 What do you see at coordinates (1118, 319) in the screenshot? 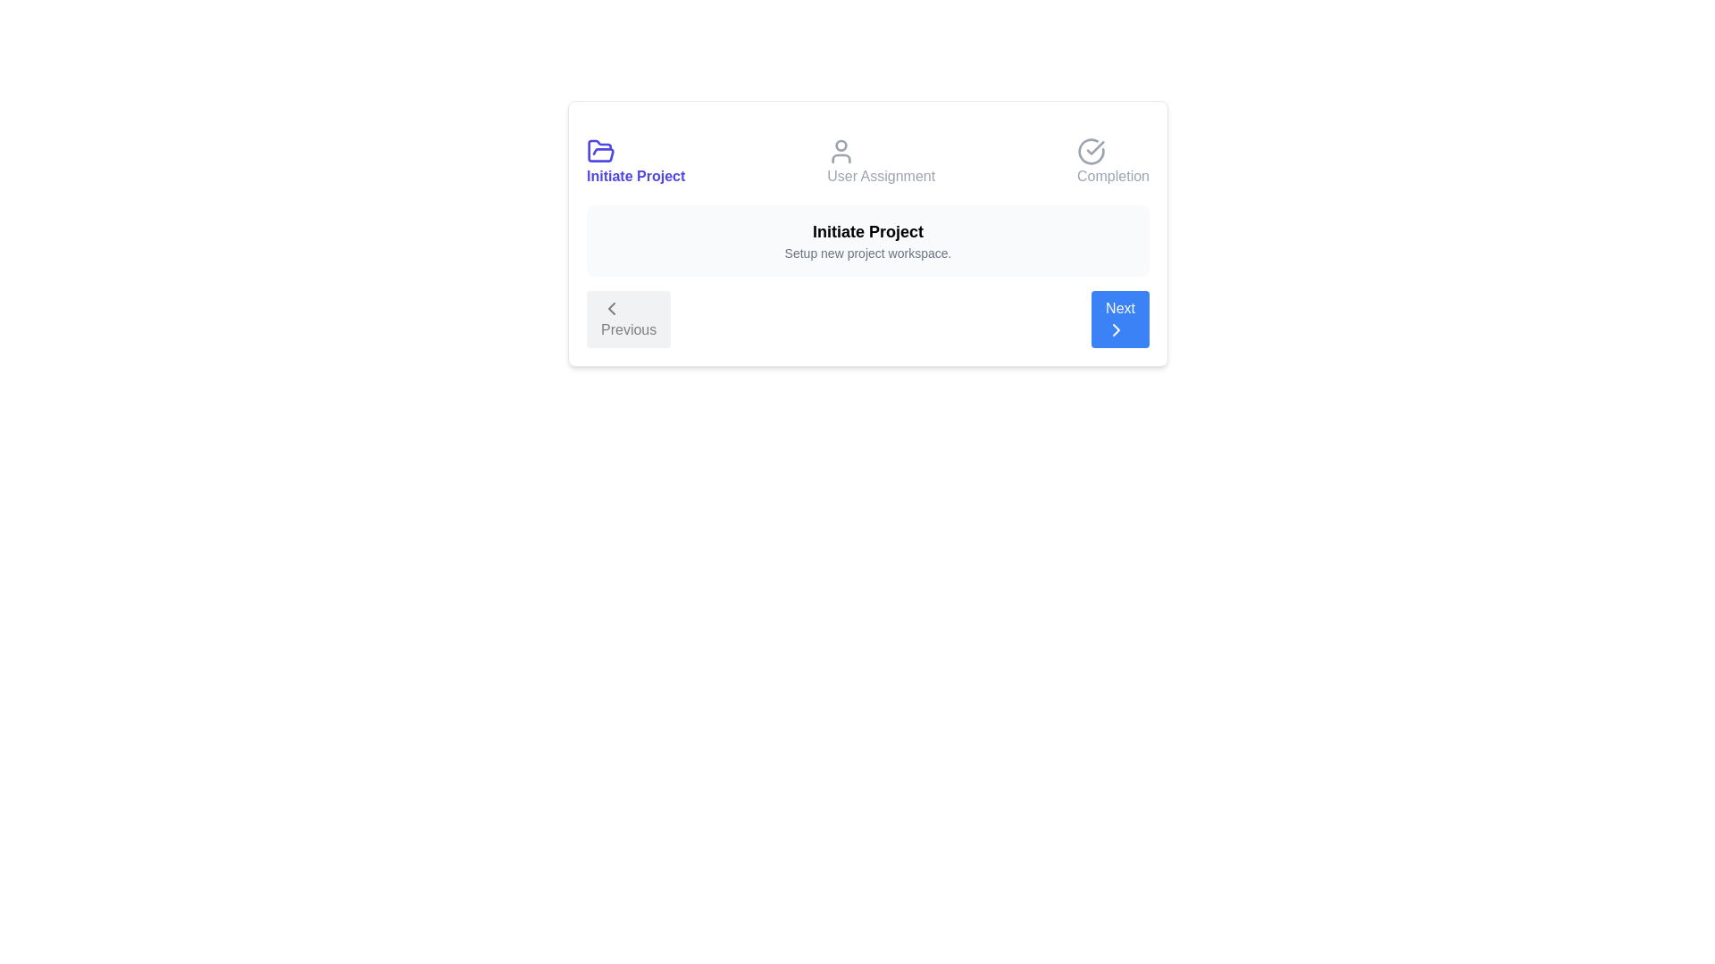
I see `'Next' button to navigate to the next stage` at bounding box center [1118, 319].